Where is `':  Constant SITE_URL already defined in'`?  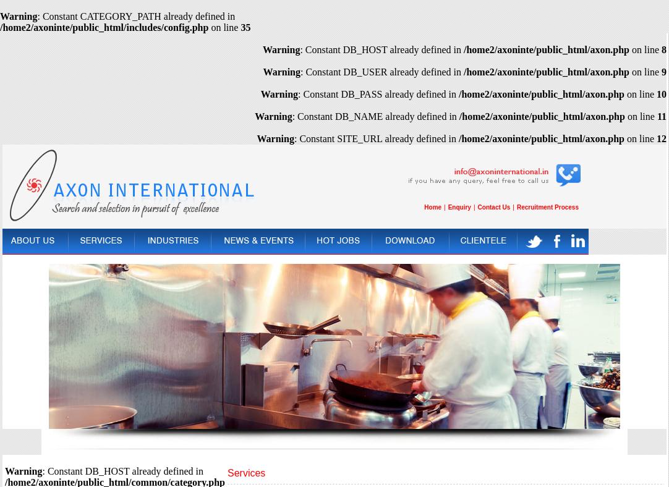
':  Constant SITE_URL already defined in' is located at coordinates (375, 138).